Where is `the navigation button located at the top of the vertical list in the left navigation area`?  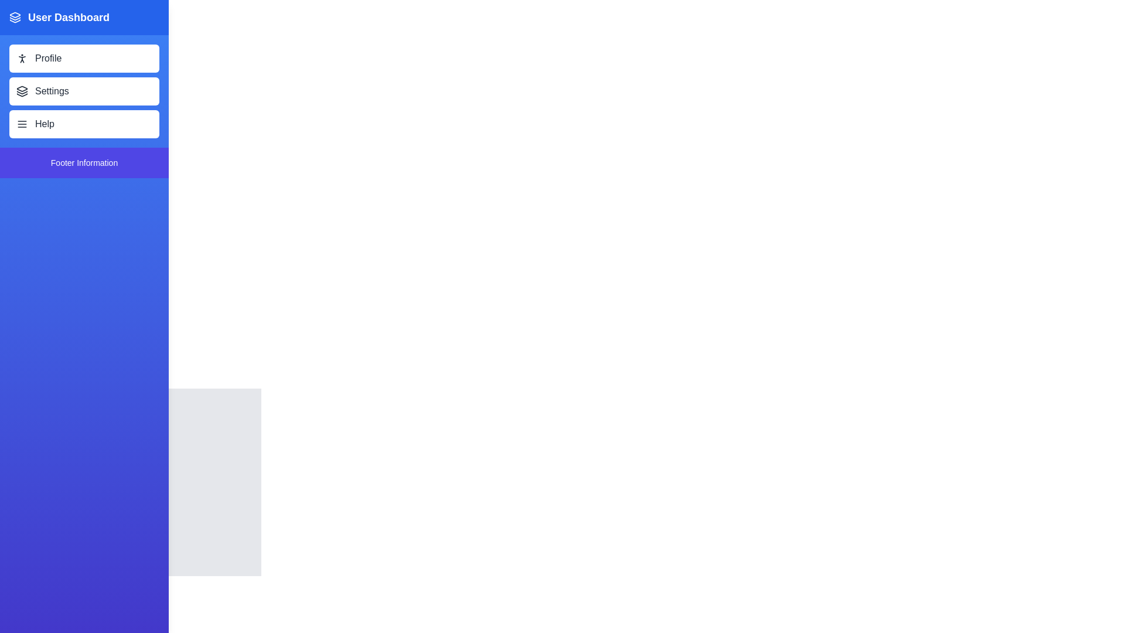
the navigation button located at the top of the vertical list in the left navigation area is located at coordinates (84, 59).